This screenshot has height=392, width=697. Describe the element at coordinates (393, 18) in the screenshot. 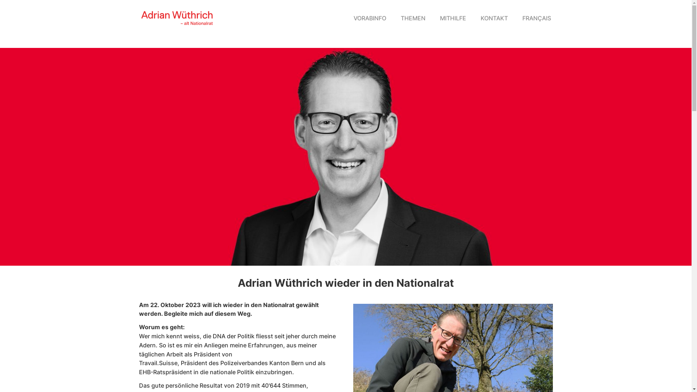

I see `'THEMEN'` at that location.